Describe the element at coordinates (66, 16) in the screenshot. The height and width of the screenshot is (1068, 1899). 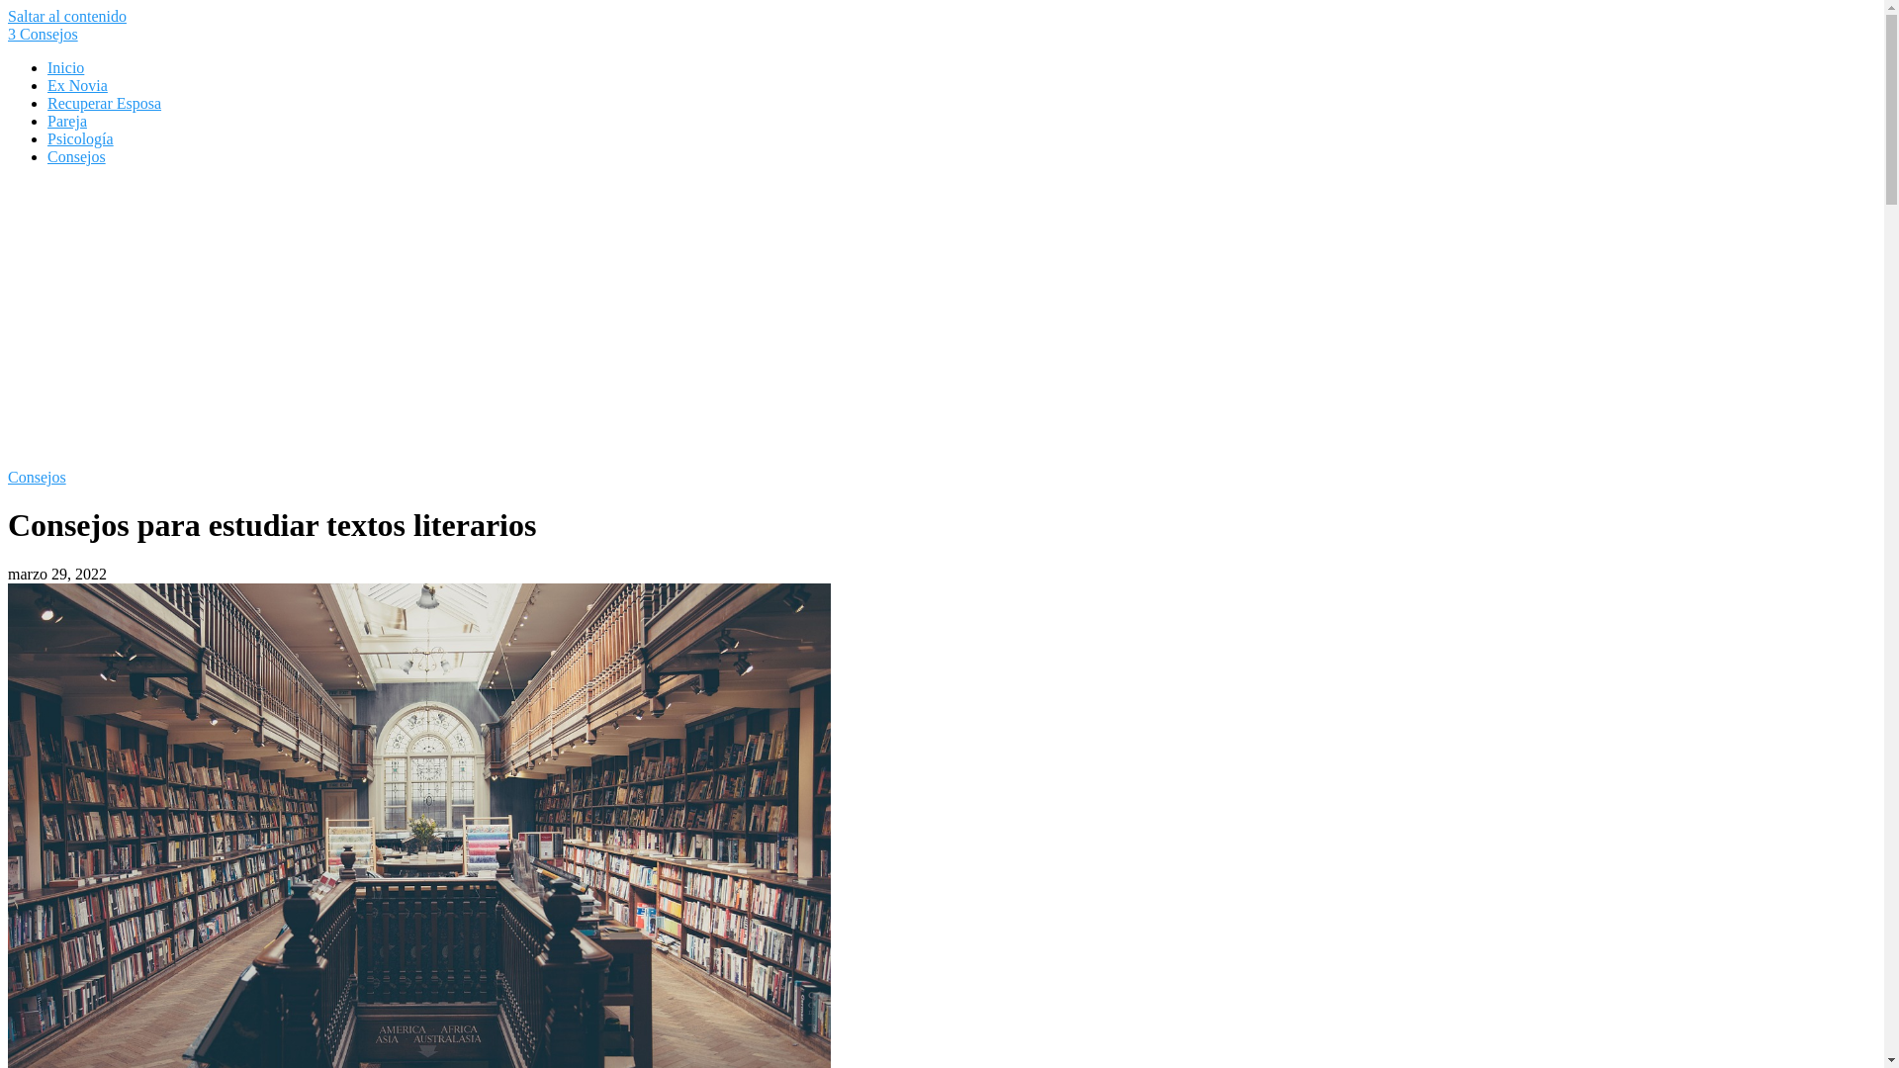
I see `'Saltar al contenido'` at that location.